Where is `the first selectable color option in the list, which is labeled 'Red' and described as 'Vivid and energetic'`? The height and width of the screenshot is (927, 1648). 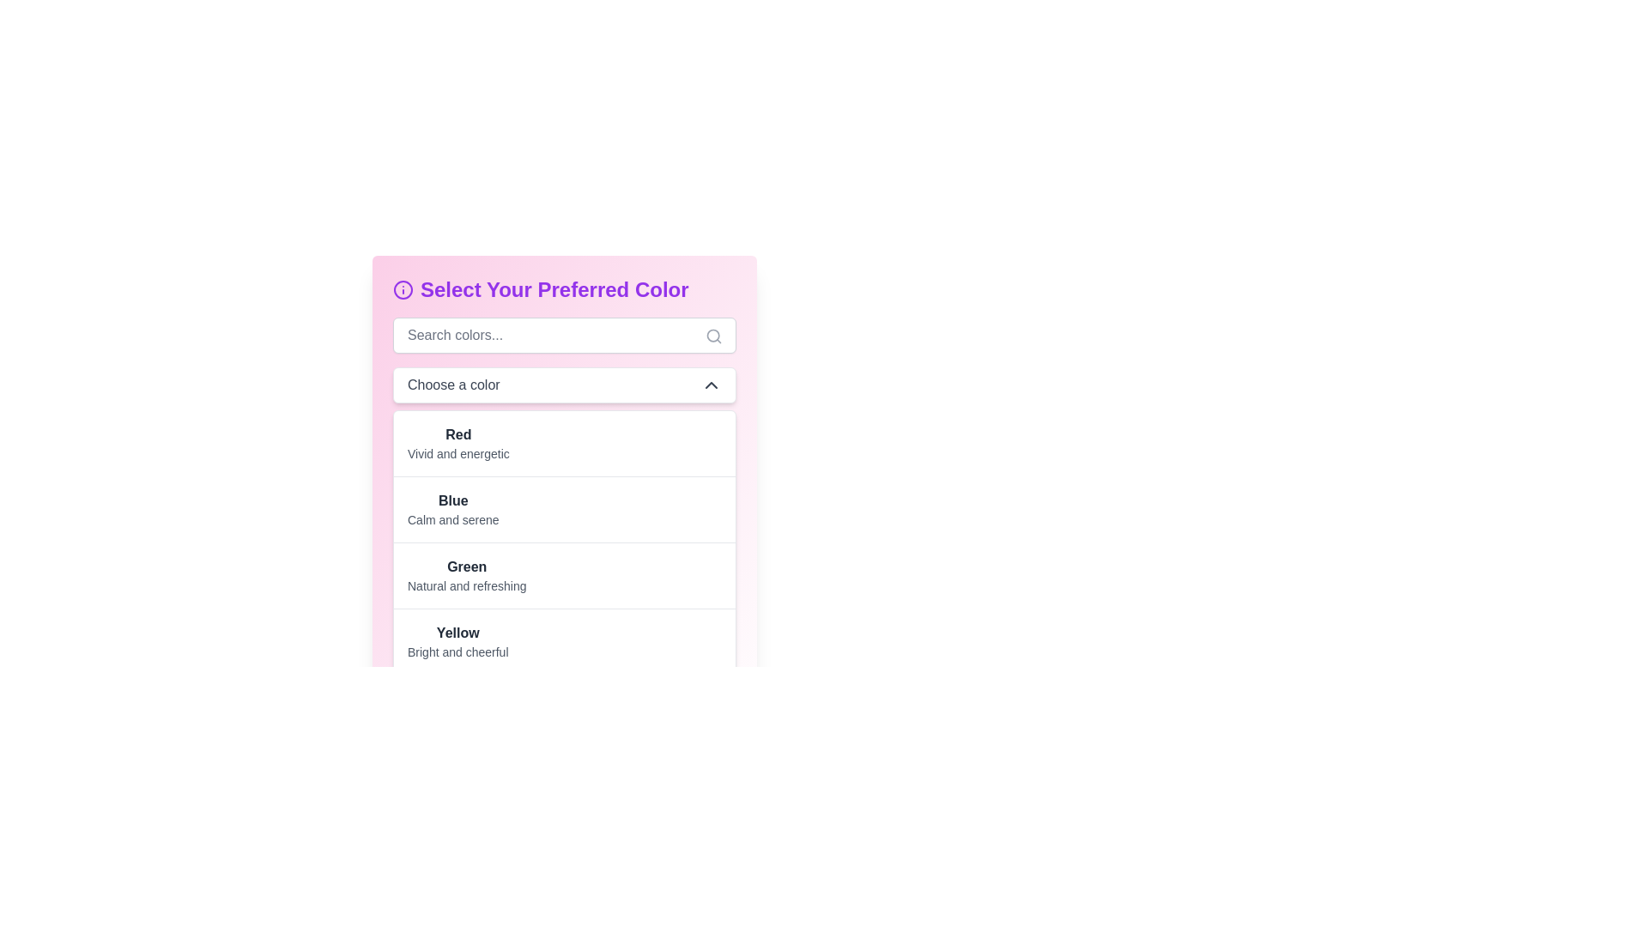
the first selectable color option in the list, which is labeled 'Red' and described as 'Vivid and energetic' is located at coordinates (458, 442).